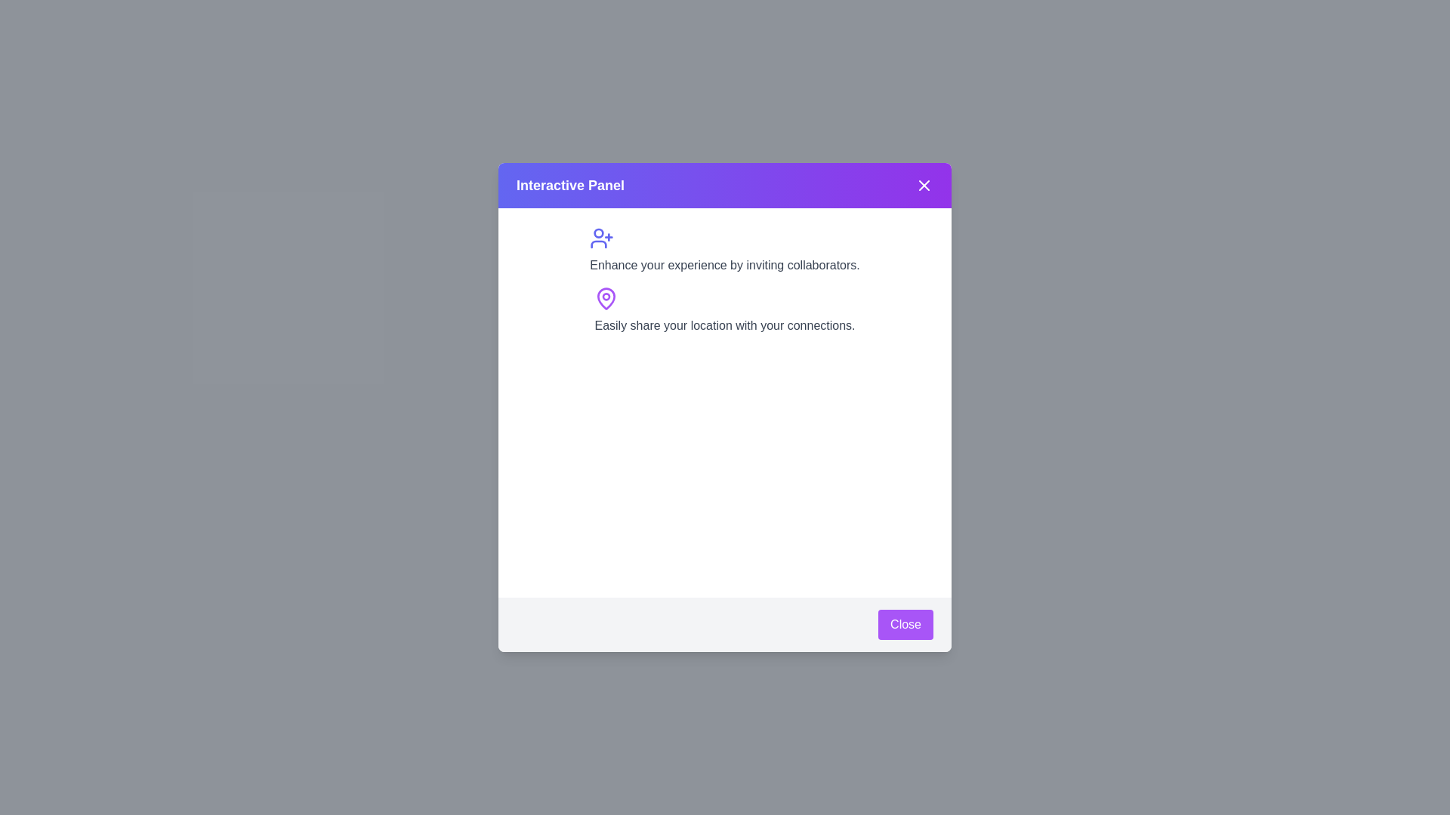  I want to click on the 'Interactive Panel' text label, which is a bold and large white title located at the top-left of the header bar in the modal window, so click(569, 185).